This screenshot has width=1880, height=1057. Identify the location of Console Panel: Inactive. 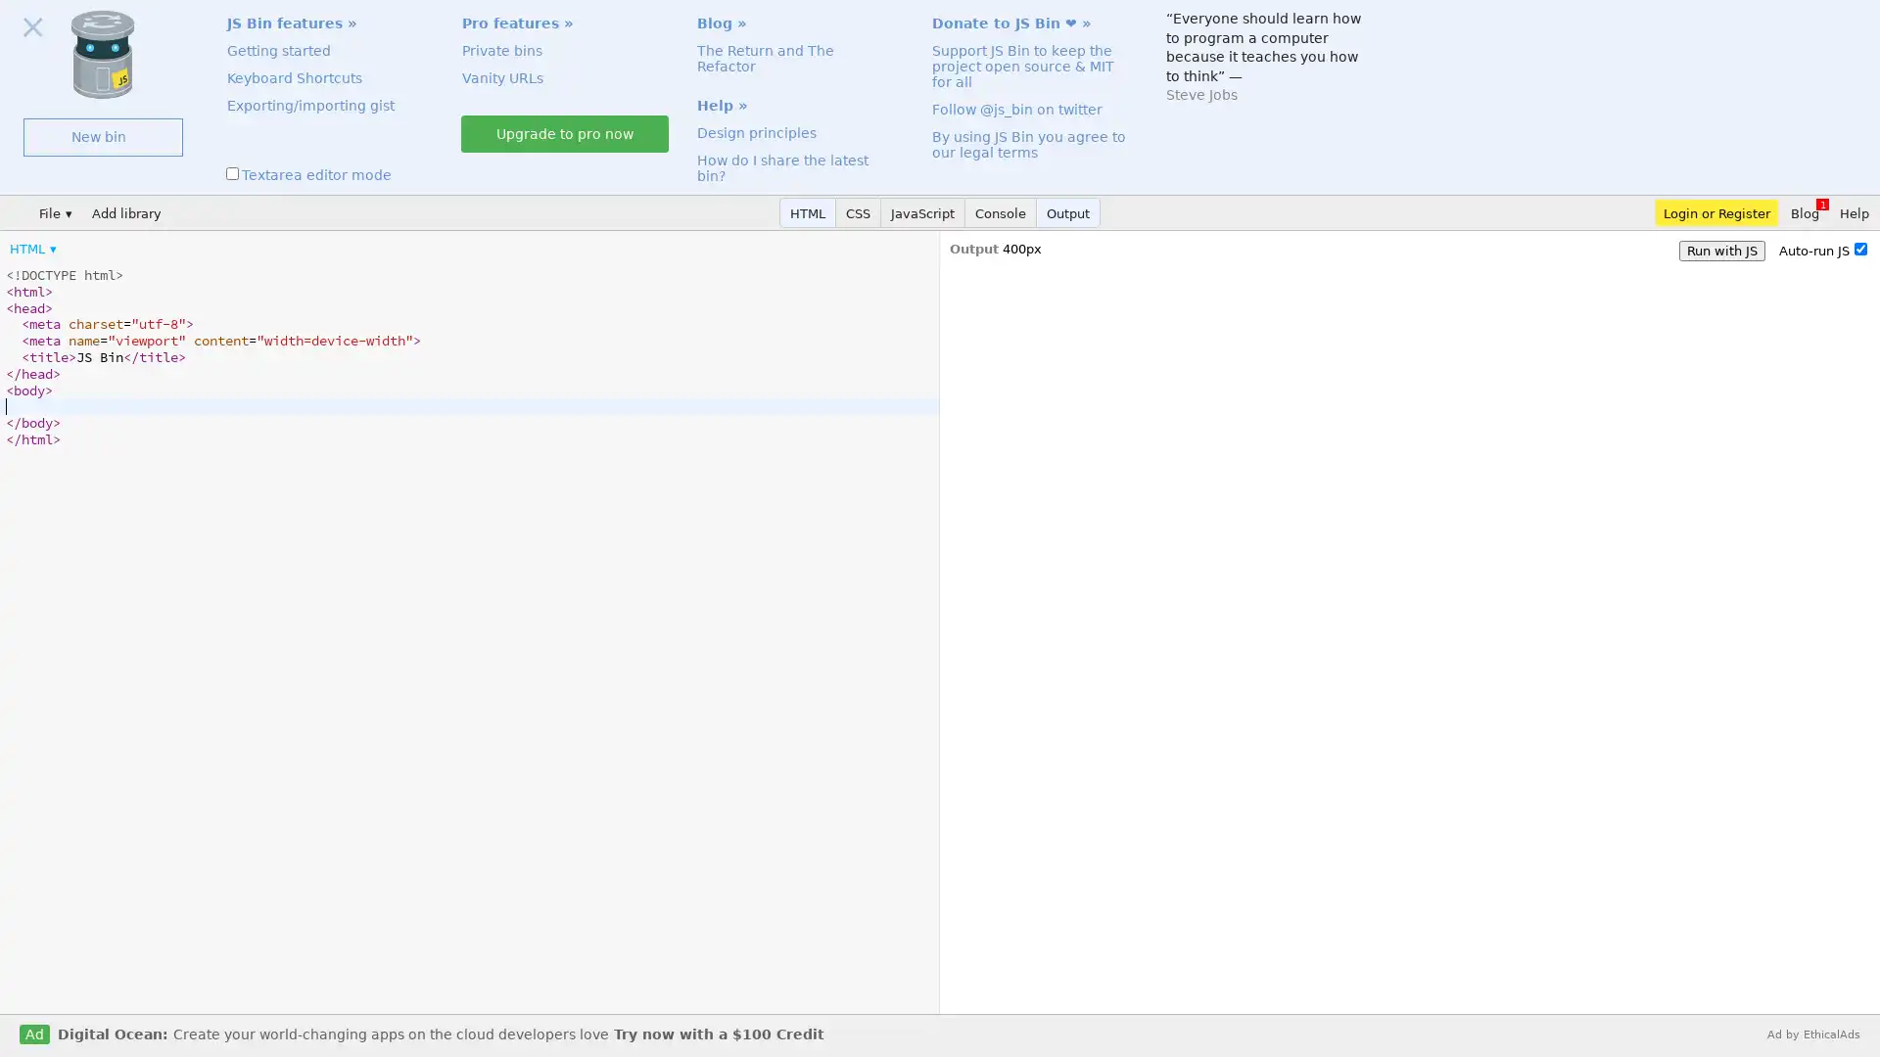
(1001, 212).